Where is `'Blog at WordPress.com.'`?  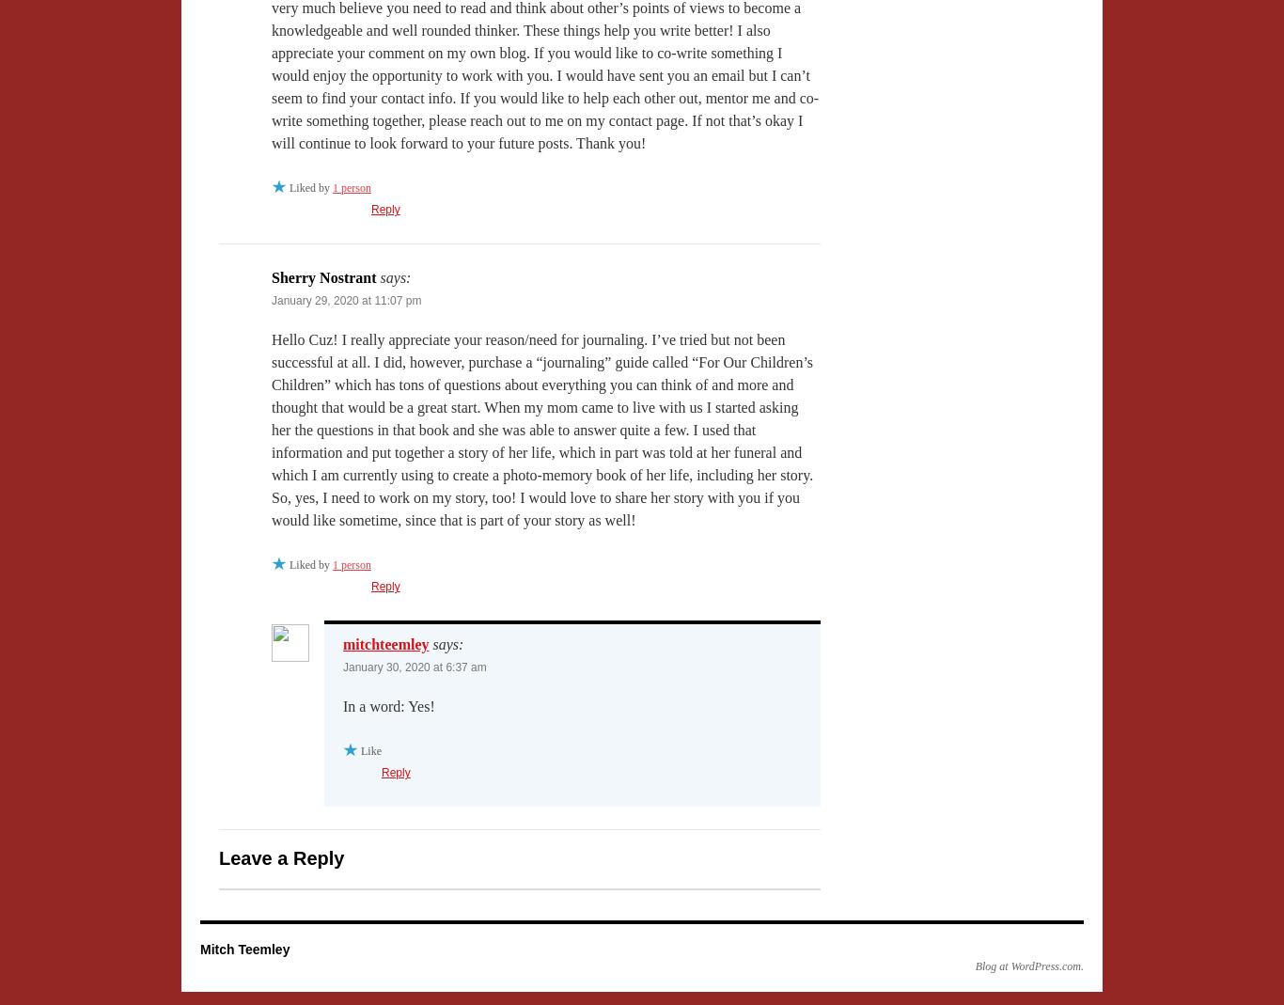 'Blog at WordPress.com.' is located at coordinates (974, 966).